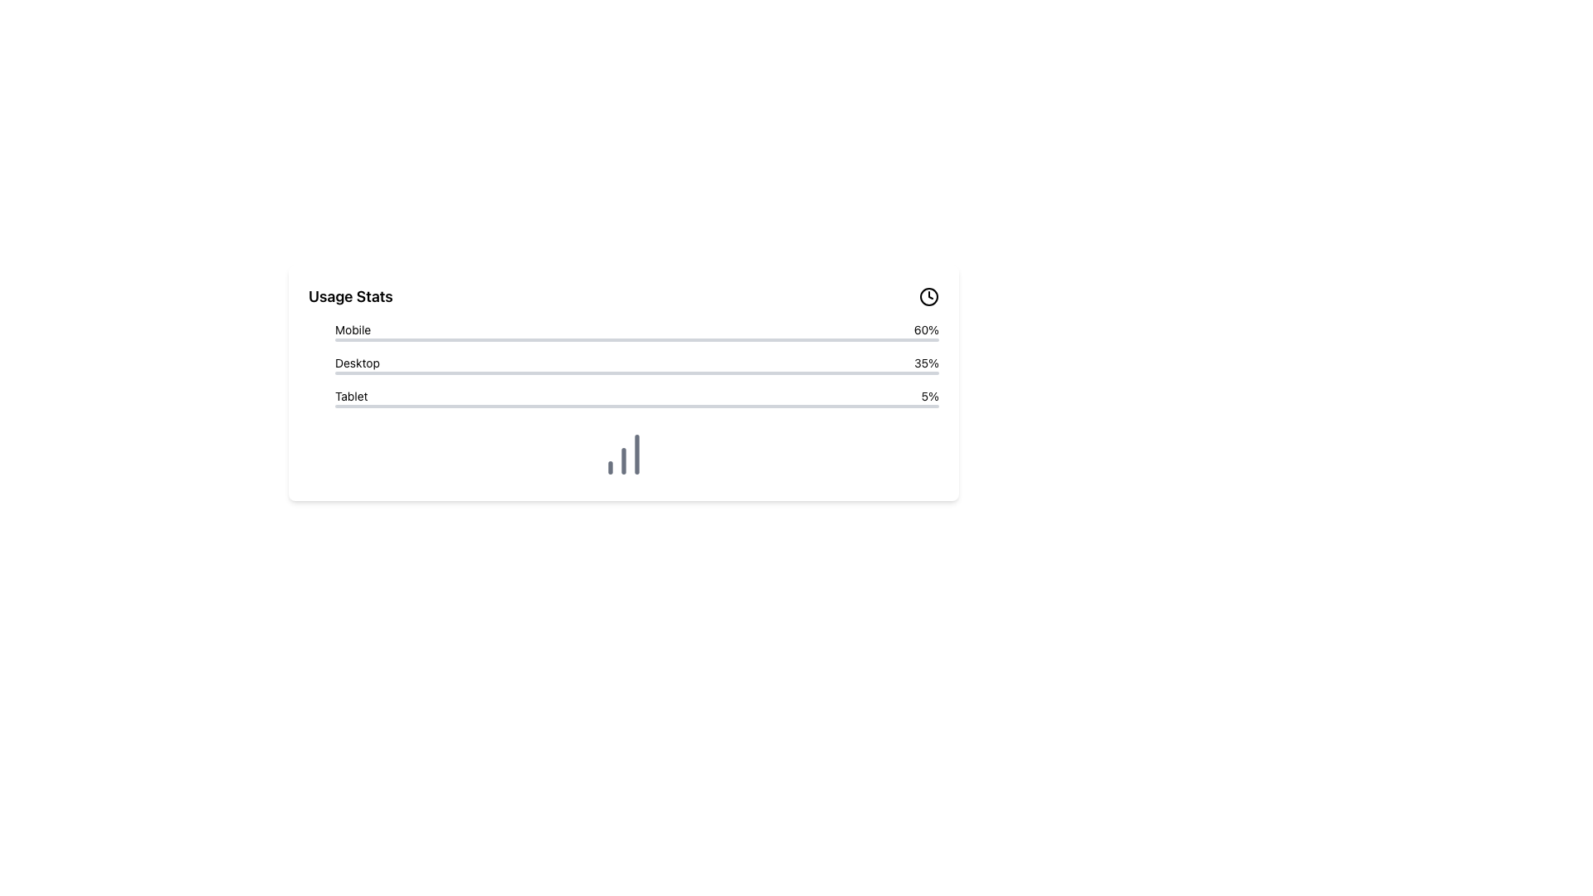 The height and width of the screenshot is (896, 1593). I want to click on the progress bar representing 'Mobile' usage, so click(636, 332).